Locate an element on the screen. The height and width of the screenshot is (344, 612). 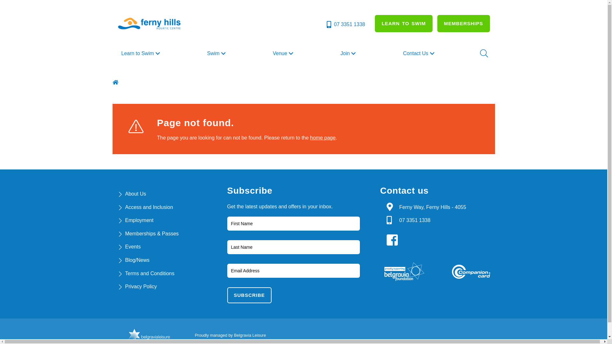
'Join' is located at coordinates (348, 53).